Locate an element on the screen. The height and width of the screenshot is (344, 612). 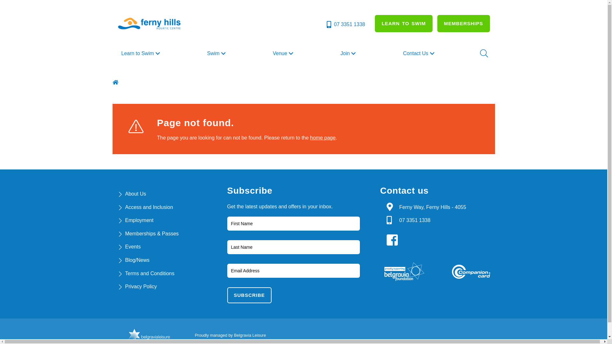
'Join' is located at coordinates (348, 53).